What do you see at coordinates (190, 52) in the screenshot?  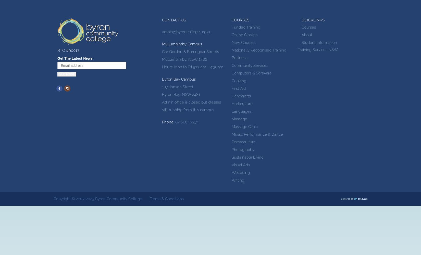 I see `'Cnr Gordon & Burringbar Streets'` at bounding box center [190, 52].